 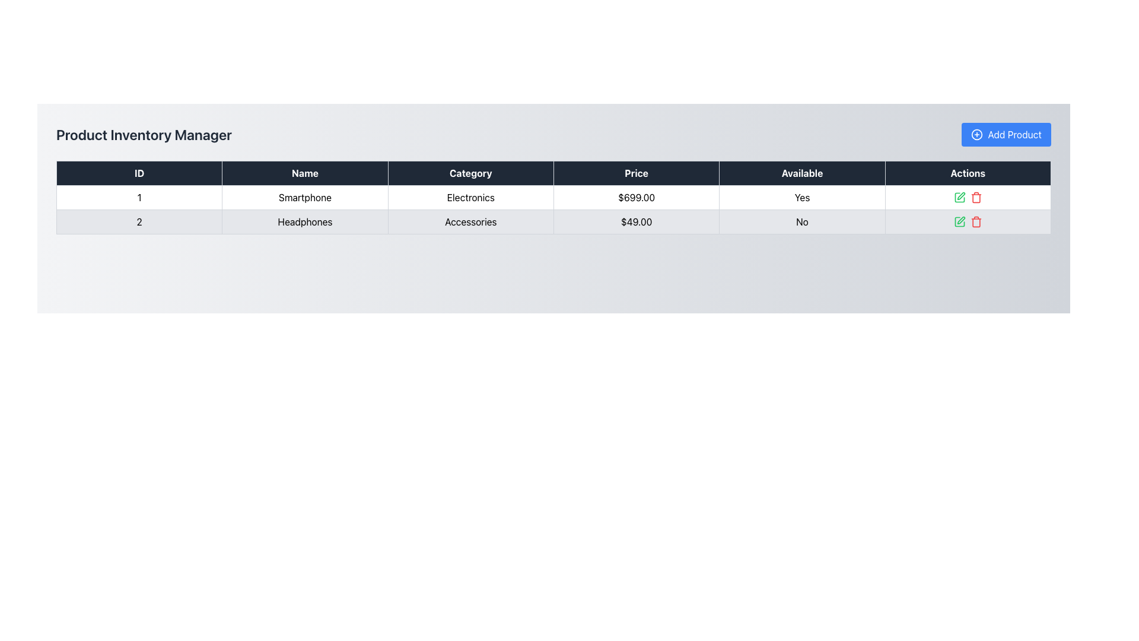 I want to click on the trash icon embedded in the delete button located in the 'Actions' column of the second row in the table, so click(x=976, y=198).